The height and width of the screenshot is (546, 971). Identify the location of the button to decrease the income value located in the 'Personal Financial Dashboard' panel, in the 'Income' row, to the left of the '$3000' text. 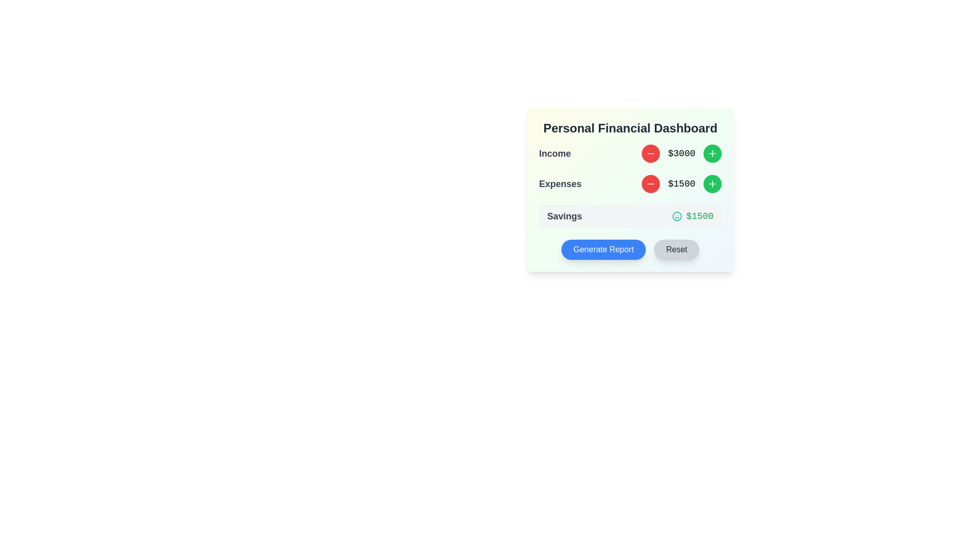
(650, 154).